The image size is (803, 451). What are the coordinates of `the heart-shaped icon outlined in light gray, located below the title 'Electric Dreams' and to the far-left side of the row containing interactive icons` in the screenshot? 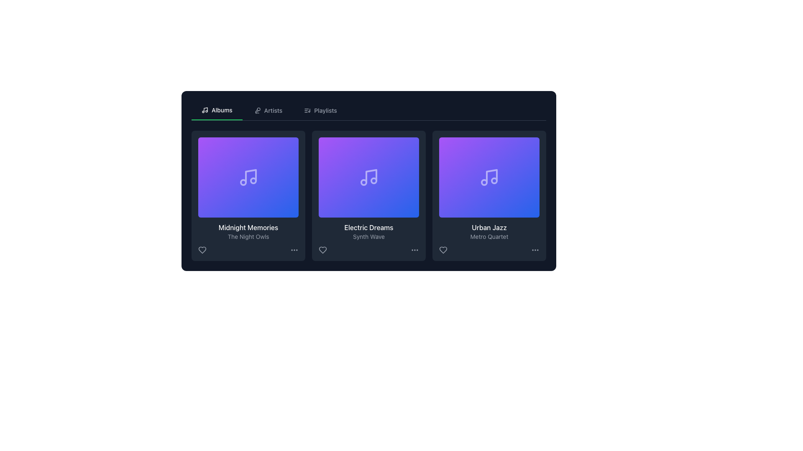 It's located at (322, 249).